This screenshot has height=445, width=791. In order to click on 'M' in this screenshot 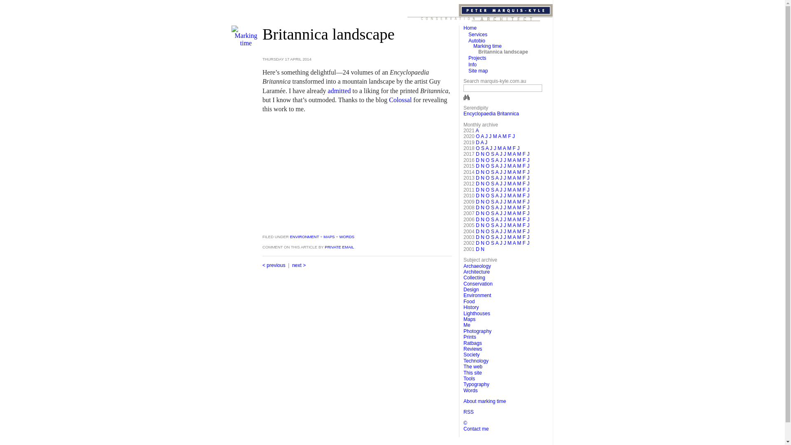, I will do `click(518, 166)`.